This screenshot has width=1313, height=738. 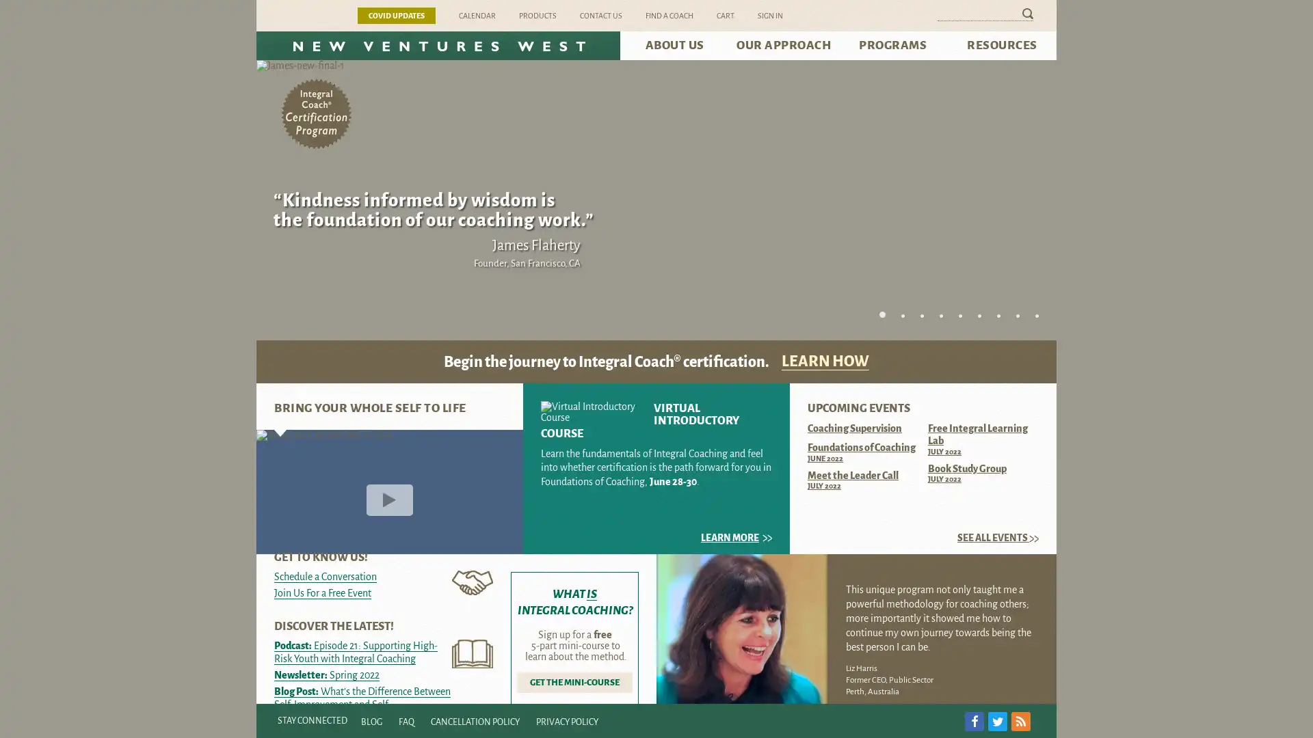 I want to click on STAY CONNECTED, so click(x=311, y=720).